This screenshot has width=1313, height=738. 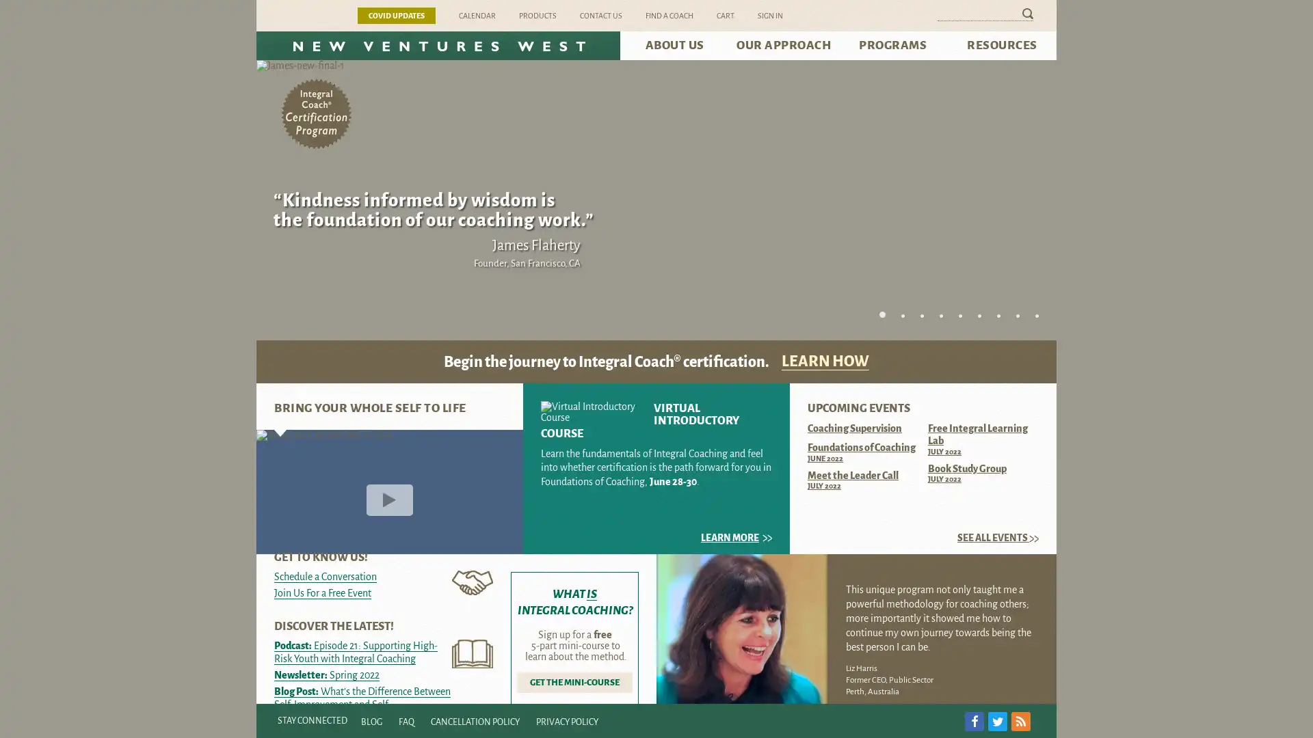 I want to click on STAY CONNECTED, so click(x=311, y=720).